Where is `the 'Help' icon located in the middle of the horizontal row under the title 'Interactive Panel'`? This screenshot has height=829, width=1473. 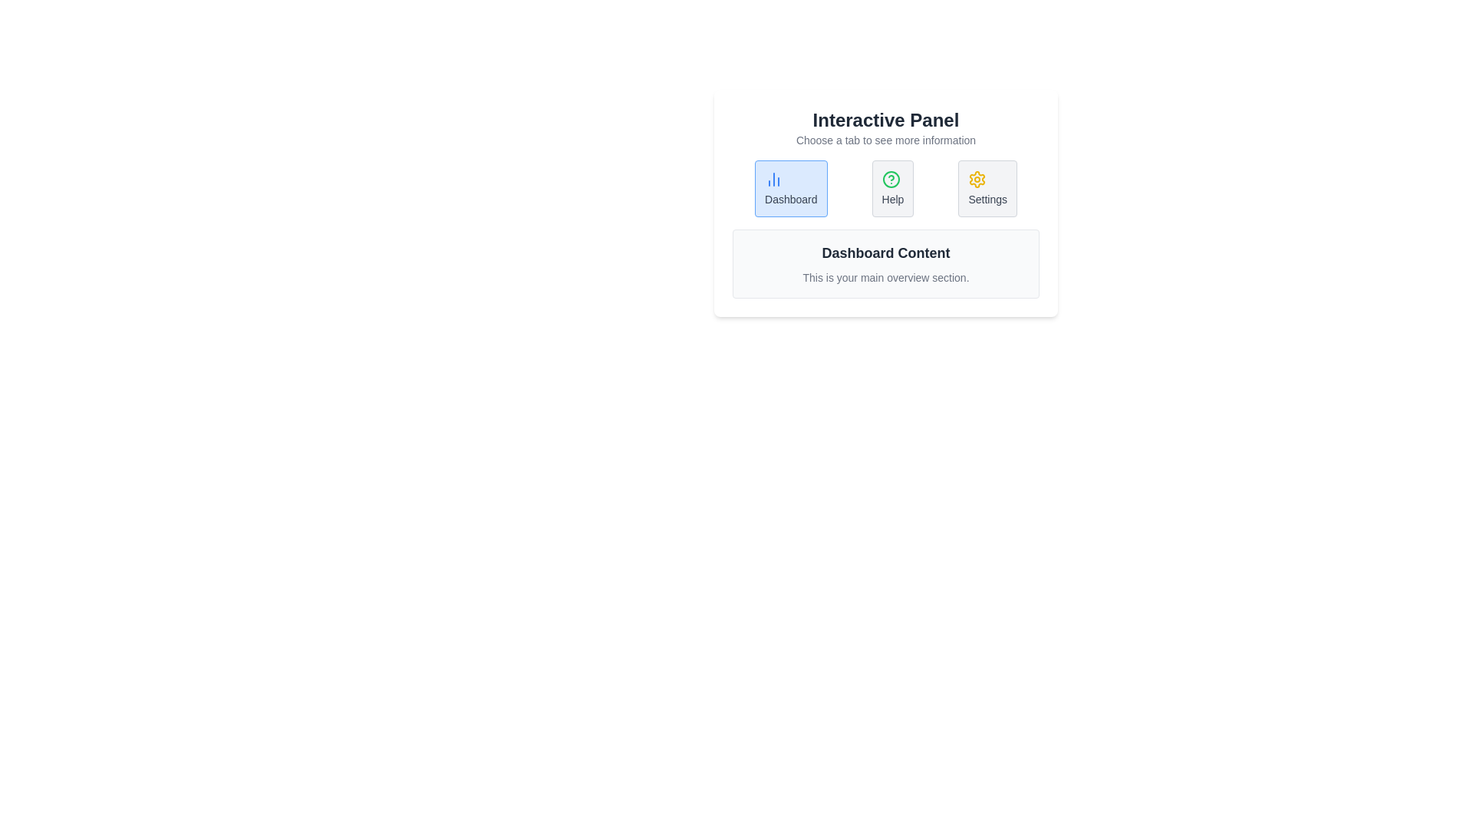 the 'Help' icon located in the middle of the horizontal row under the title 'Interactive Panel' is located at coordinates (891, 179).